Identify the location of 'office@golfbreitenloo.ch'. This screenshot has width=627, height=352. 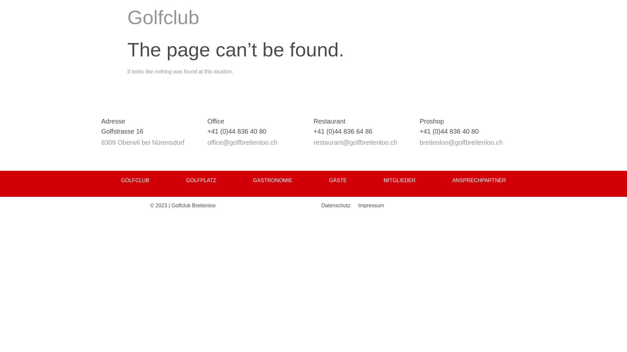
(207, 142).